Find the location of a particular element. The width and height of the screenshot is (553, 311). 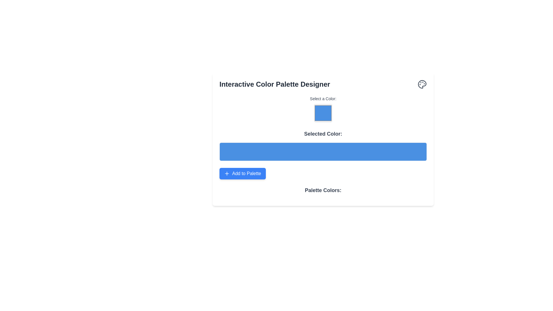

the painter's palette icon located in the top-right corner of the 'Interactive Color Palette Designer' section is located at coordinates (422, 84).